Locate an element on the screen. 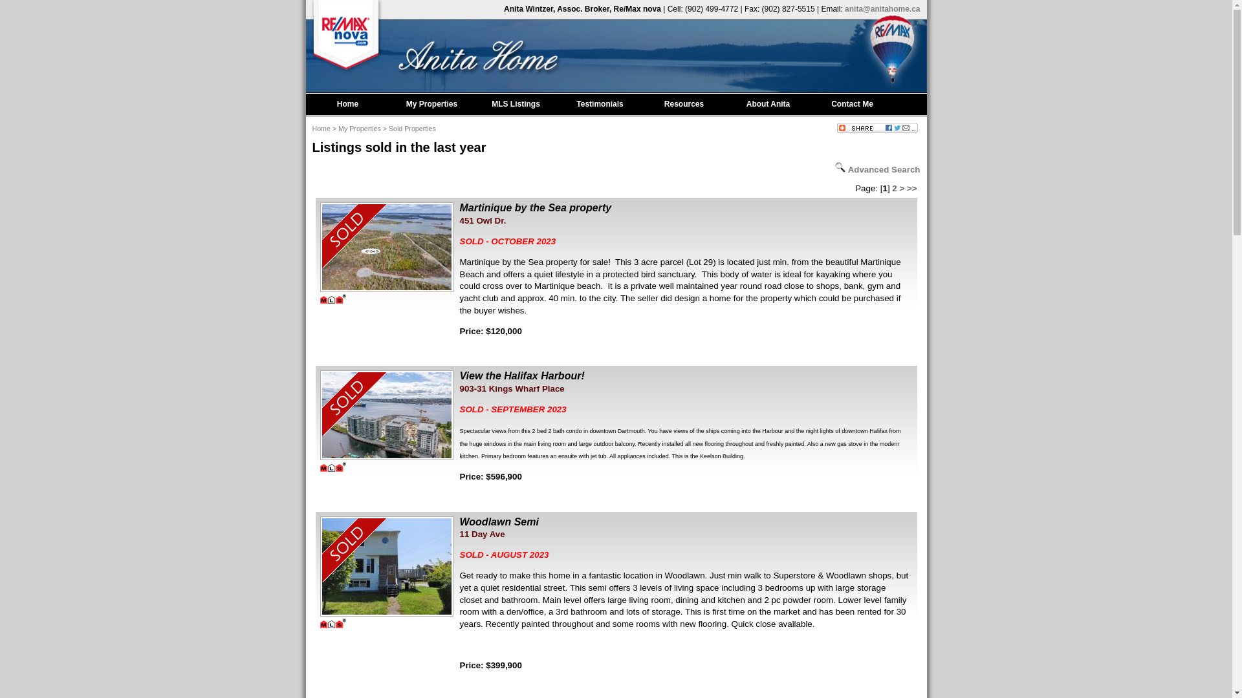 This screenshot has width=1242, height=698. 'My Properties' is located at coordinates (360, 129).